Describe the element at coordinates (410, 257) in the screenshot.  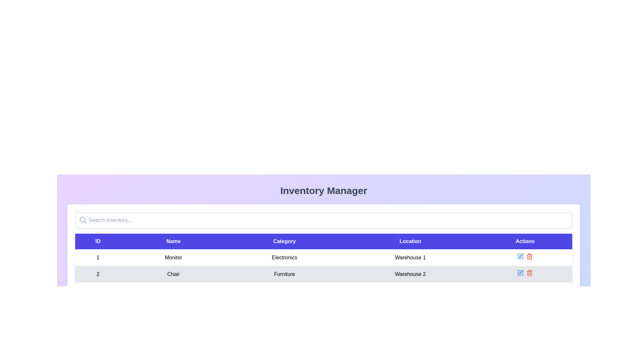
I see `the non-interactive Text label displaying the warehouse location assigned to the inventory item in the first row under the 'Location' column` at that location.